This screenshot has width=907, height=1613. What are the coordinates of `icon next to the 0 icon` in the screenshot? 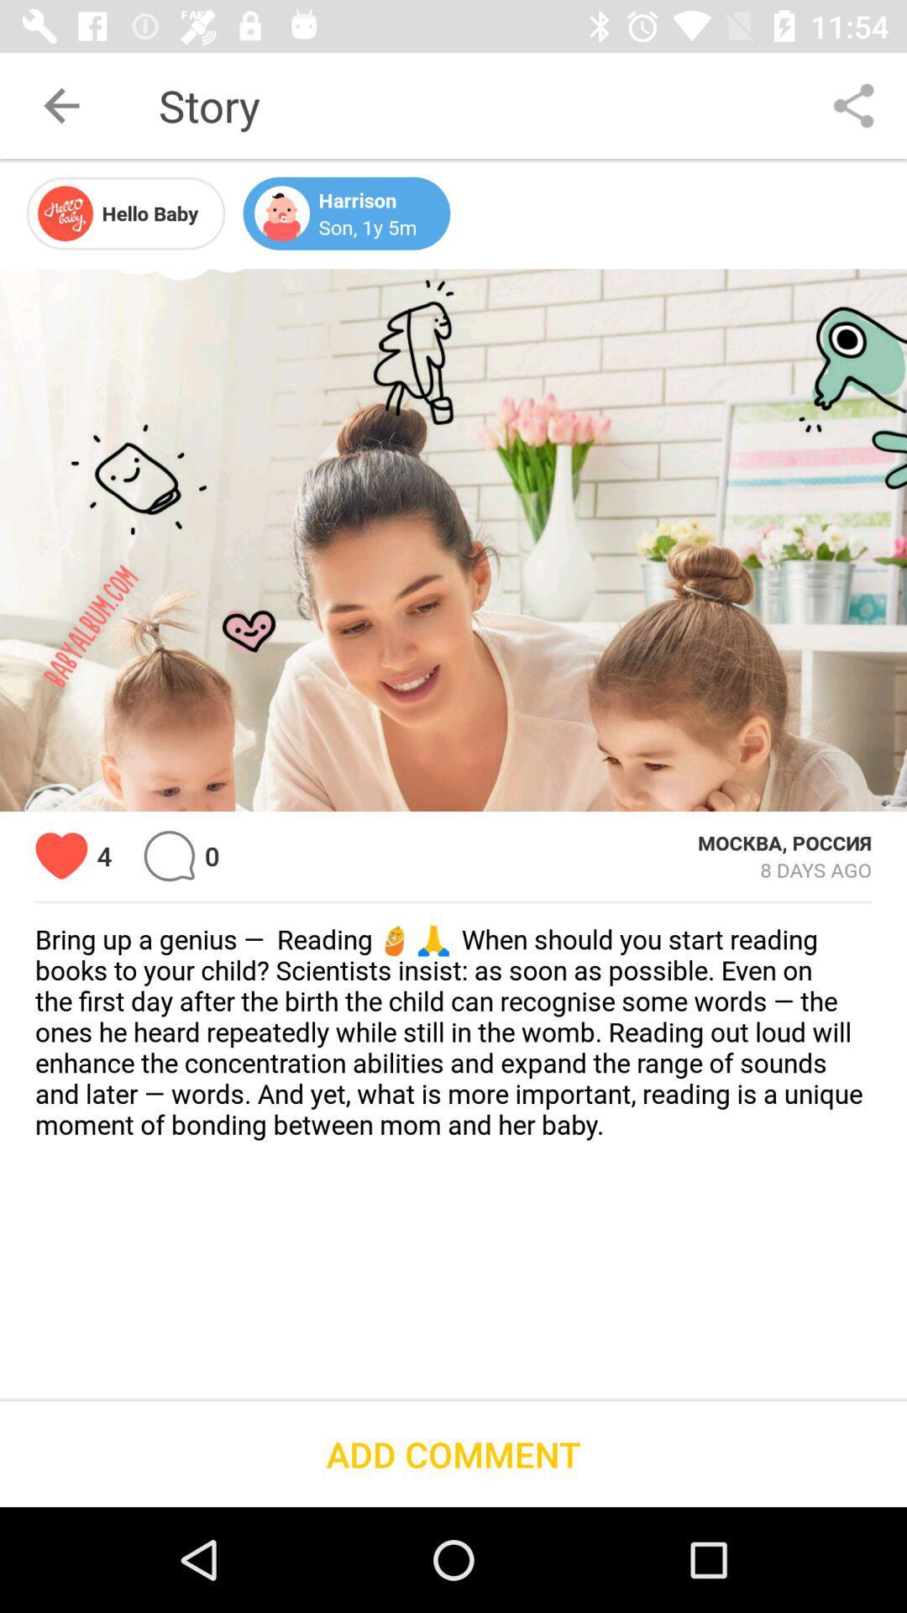 It's located at (169, 856).